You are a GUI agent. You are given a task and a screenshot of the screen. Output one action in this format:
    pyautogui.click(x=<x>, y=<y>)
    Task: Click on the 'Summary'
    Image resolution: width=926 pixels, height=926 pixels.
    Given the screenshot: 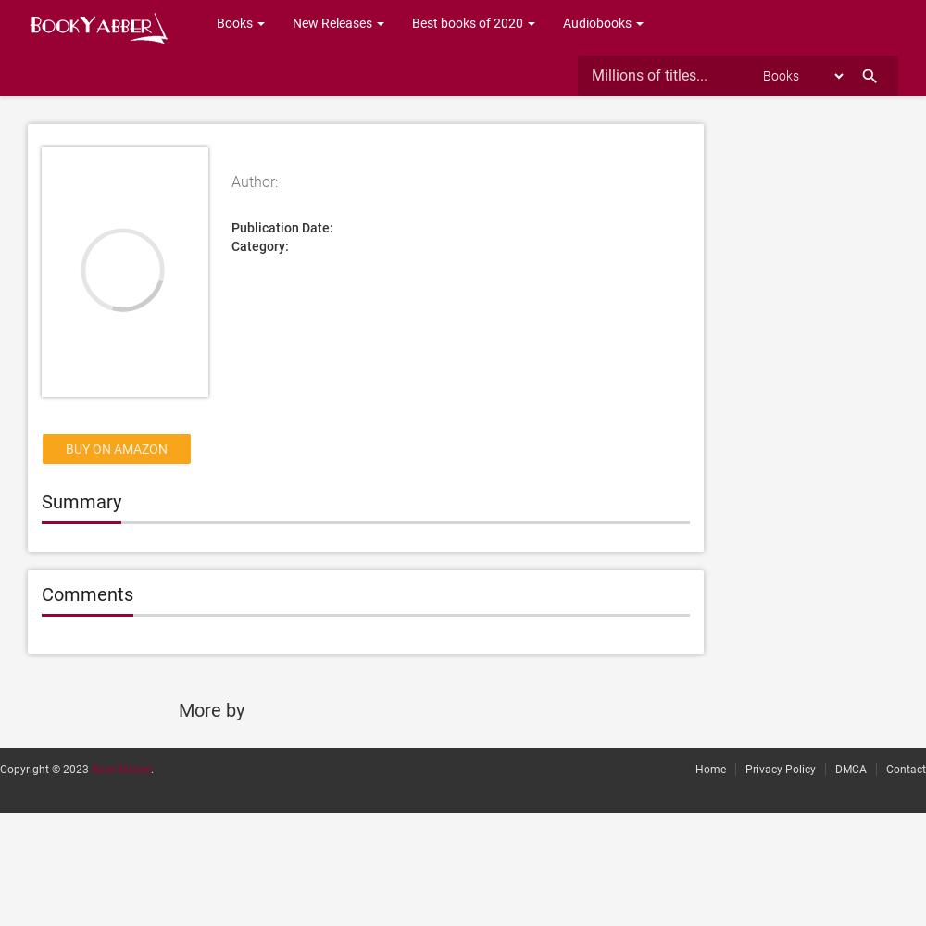 What is the action you would take?
    pyautogui.click(x=42, y=502)
    